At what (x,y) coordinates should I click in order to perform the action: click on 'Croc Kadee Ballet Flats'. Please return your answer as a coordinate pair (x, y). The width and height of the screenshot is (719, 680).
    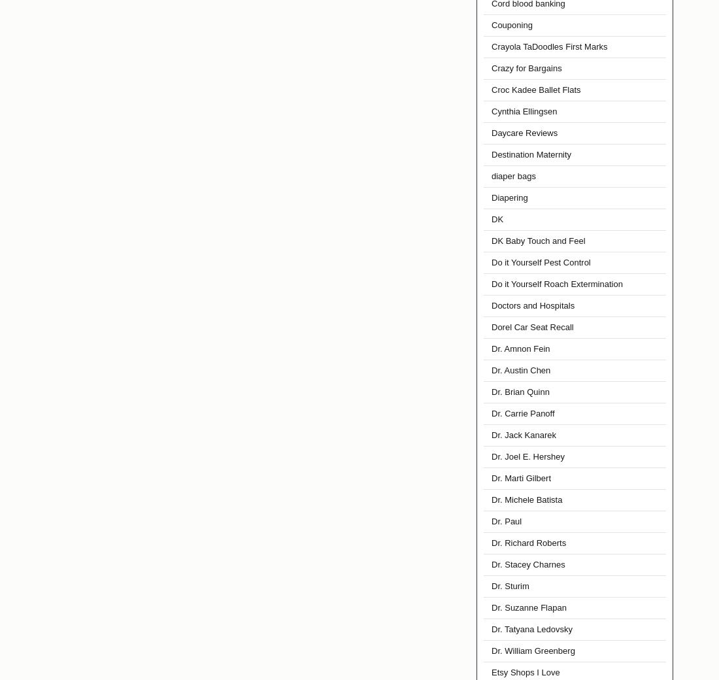
    Looking at the image, I should click on (536, 90).